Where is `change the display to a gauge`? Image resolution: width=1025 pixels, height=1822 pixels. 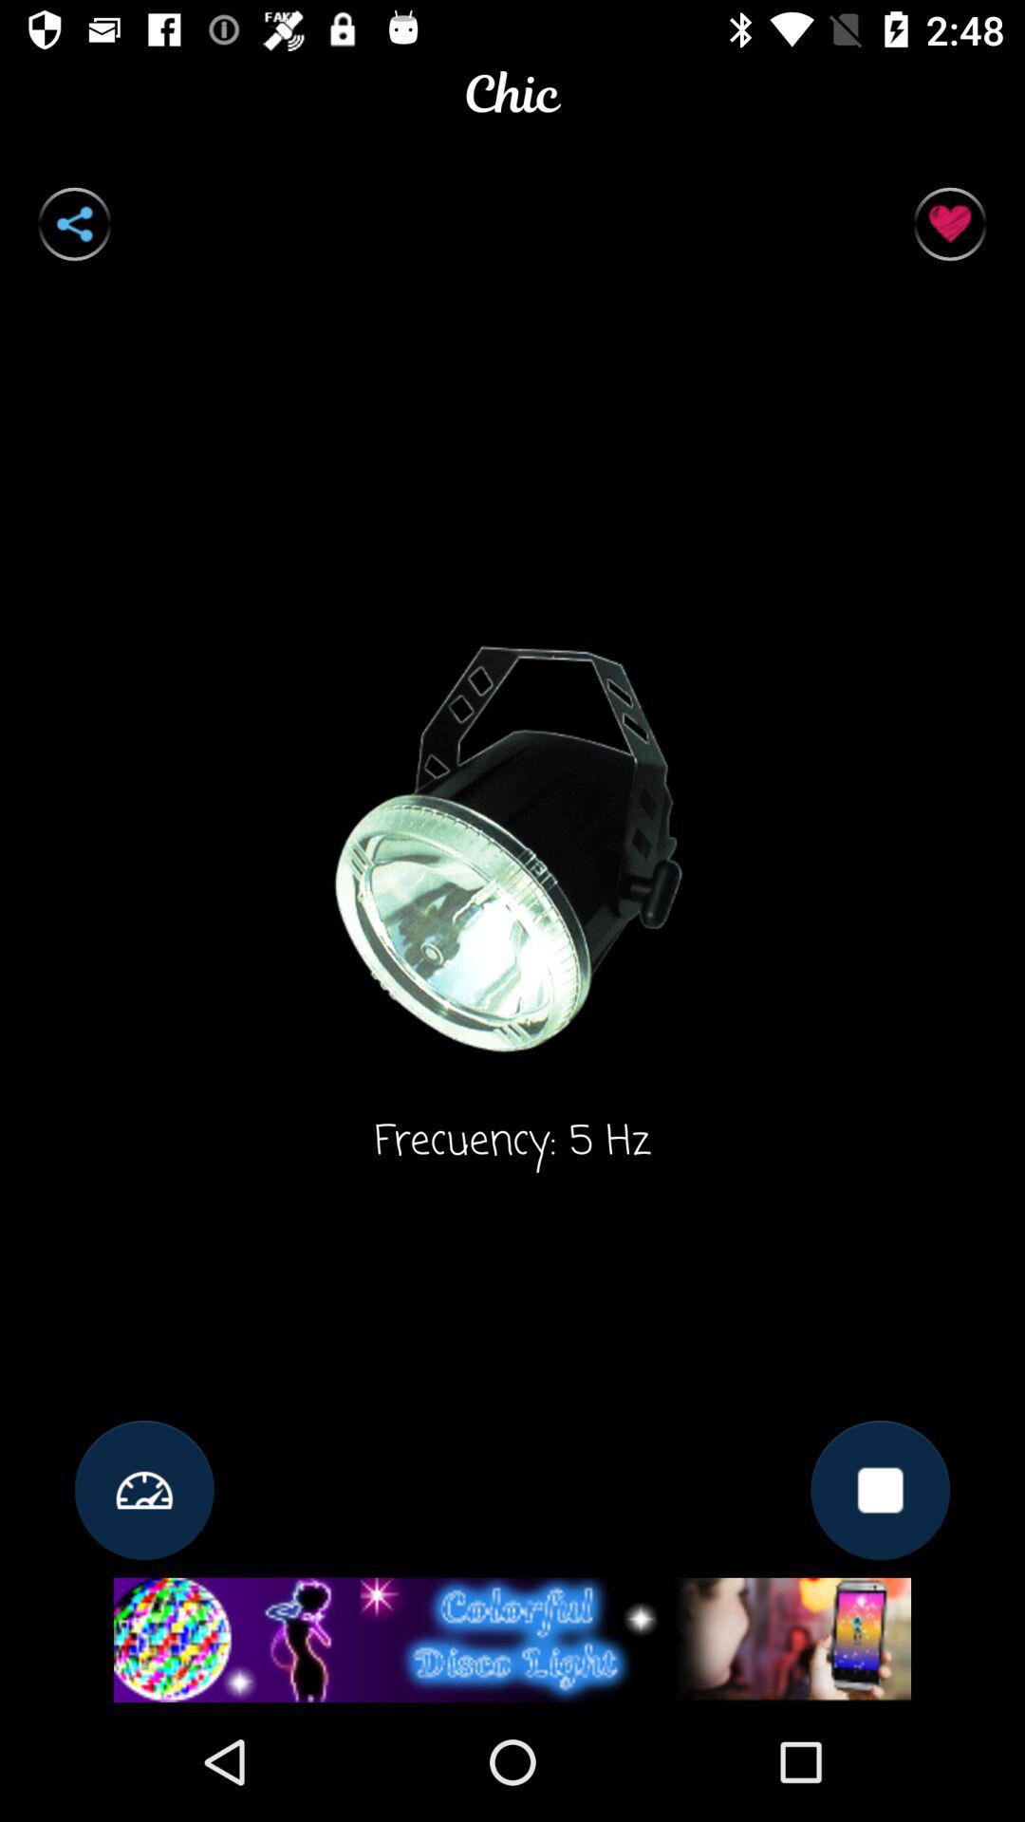 change the display to a gauge is located at coordinates (143, 1489).